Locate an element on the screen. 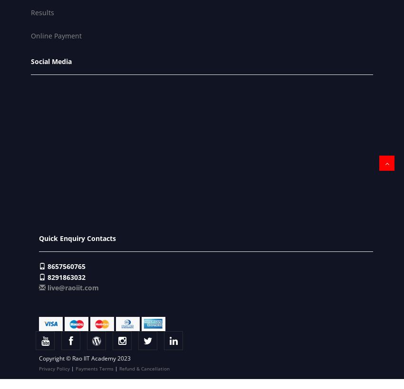 This screenshot has width=404, height=389. 'Social Media' is located at coordinates (51, 60).